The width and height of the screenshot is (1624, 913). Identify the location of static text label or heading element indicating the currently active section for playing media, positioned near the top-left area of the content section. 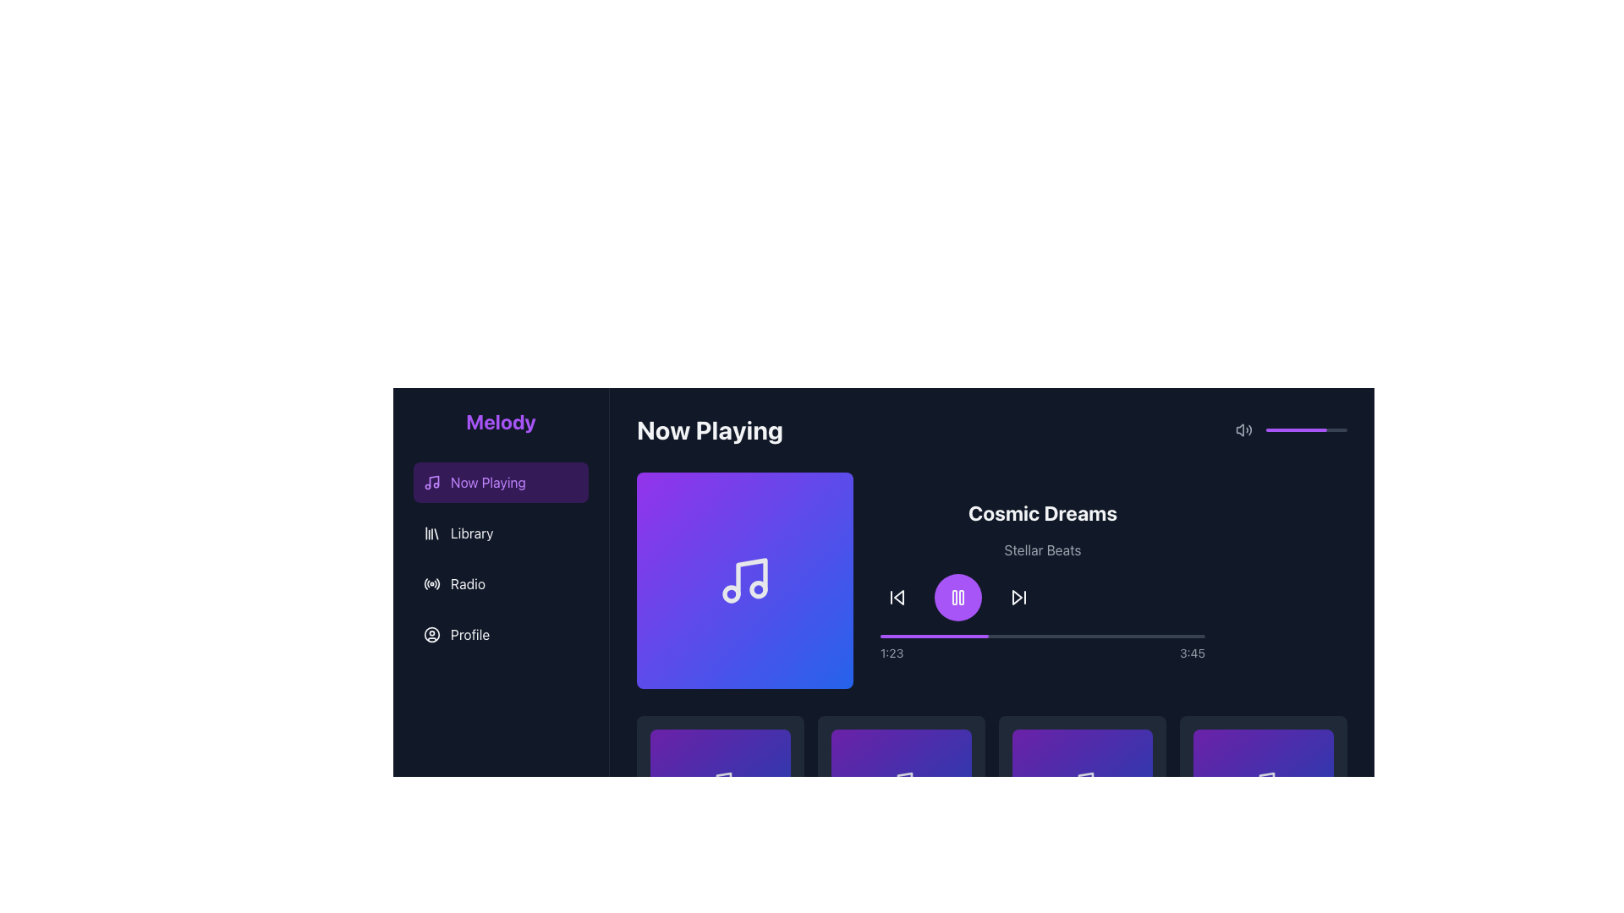
(710, 429).